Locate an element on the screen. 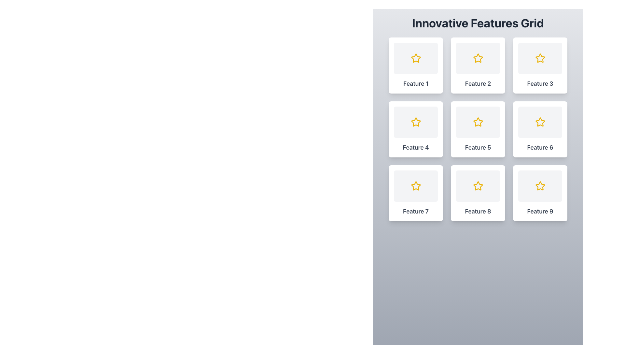 The height and width of the screenshot is (352, 625). the star icon representing 'Feature 6' is located at coordinates (540, 122).